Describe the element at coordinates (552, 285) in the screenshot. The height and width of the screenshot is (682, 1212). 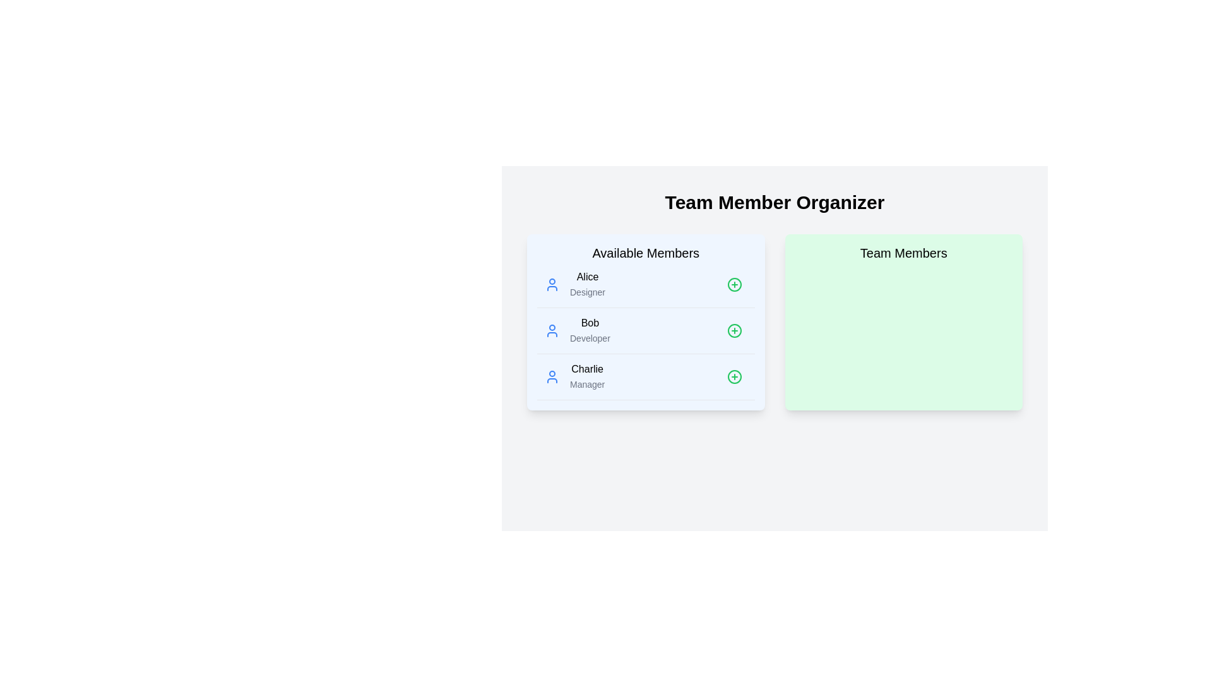
I see `the icon representing the user 'Alice' in the team member list, which is positioned as the leftmost element in the row` at that location.